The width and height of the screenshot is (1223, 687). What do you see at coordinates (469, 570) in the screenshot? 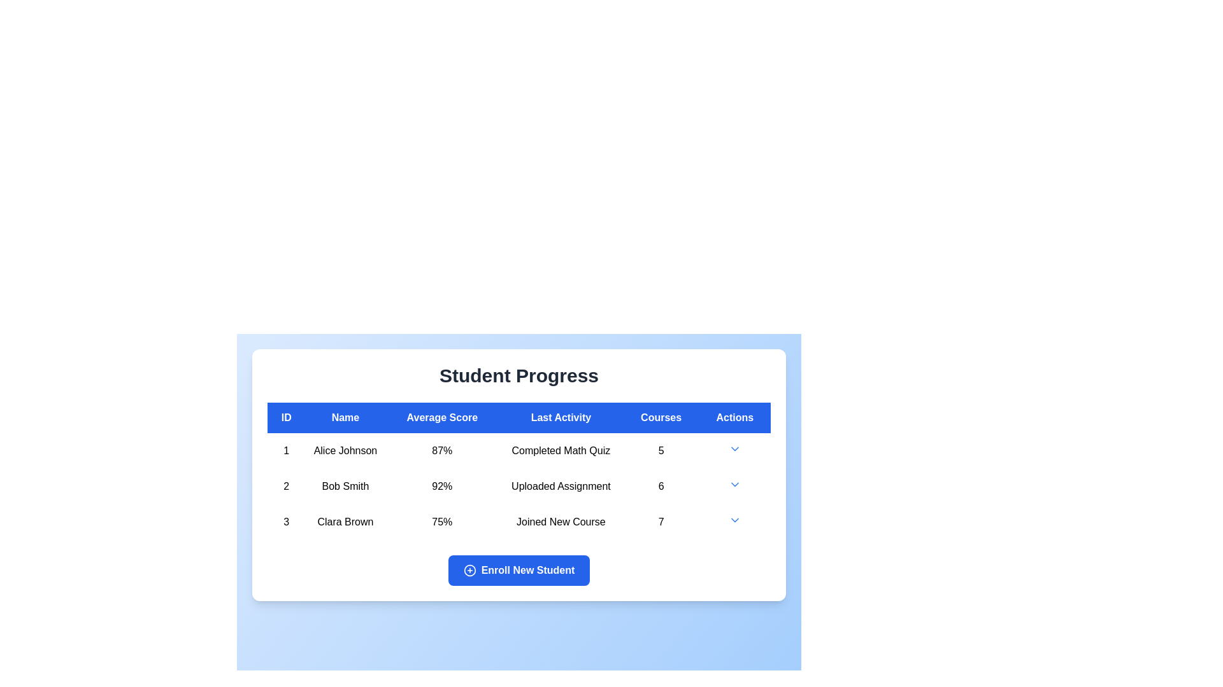
I see `the 'Enroll New Student' button, which features a circular SVG component indicating an additional action or feature` at bounding box center [469, 570].